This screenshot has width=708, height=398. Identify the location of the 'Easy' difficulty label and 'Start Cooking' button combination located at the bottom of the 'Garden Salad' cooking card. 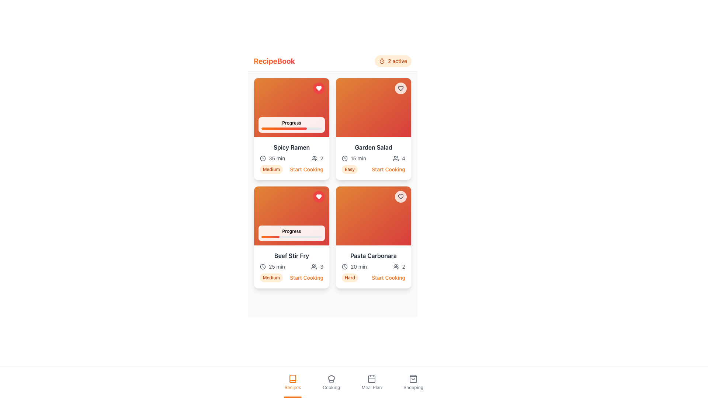
(373, 169).